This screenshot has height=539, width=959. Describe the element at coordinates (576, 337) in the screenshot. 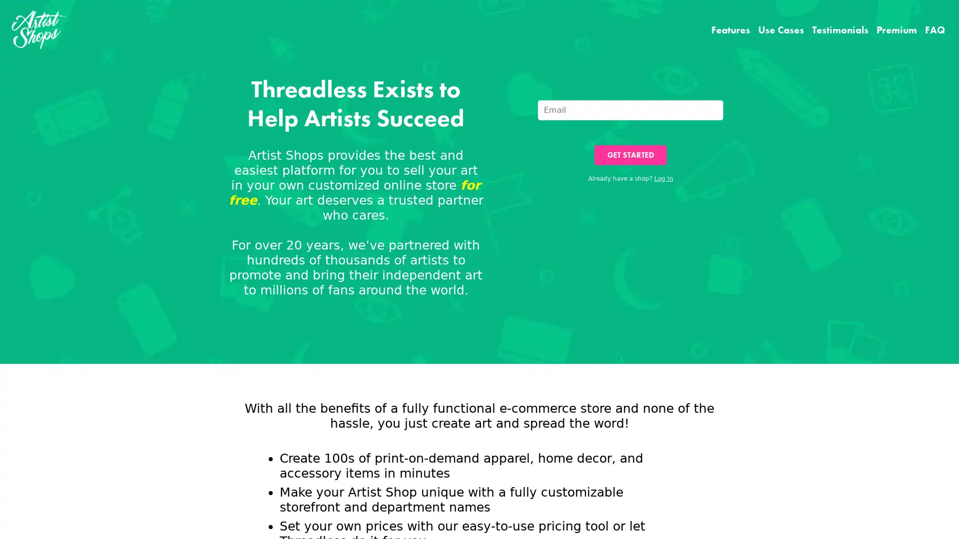

I see `Create my shop!` at that location.